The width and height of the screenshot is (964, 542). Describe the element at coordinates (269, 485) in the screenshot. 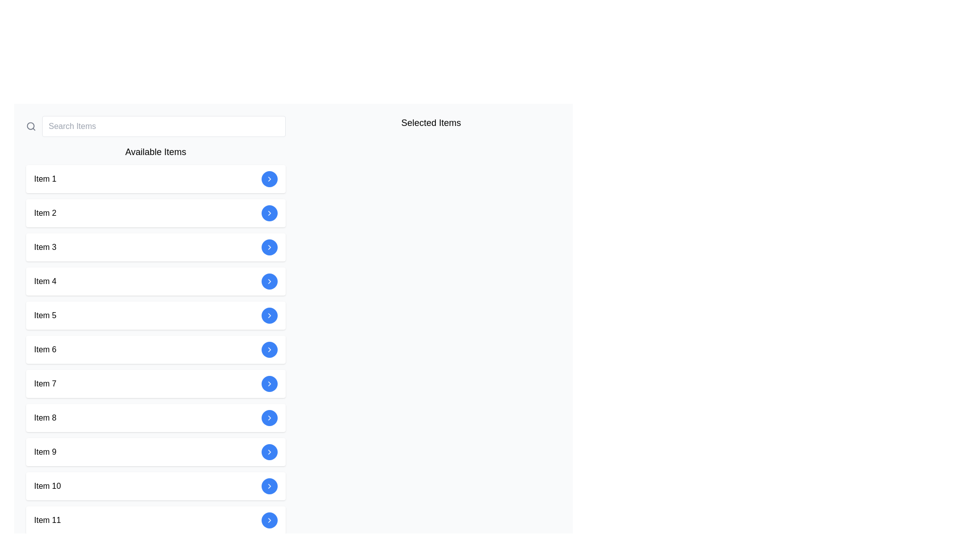

I see `the button located at the right end of the 'Item 10' entry in the 'Available Items' section` at that location.